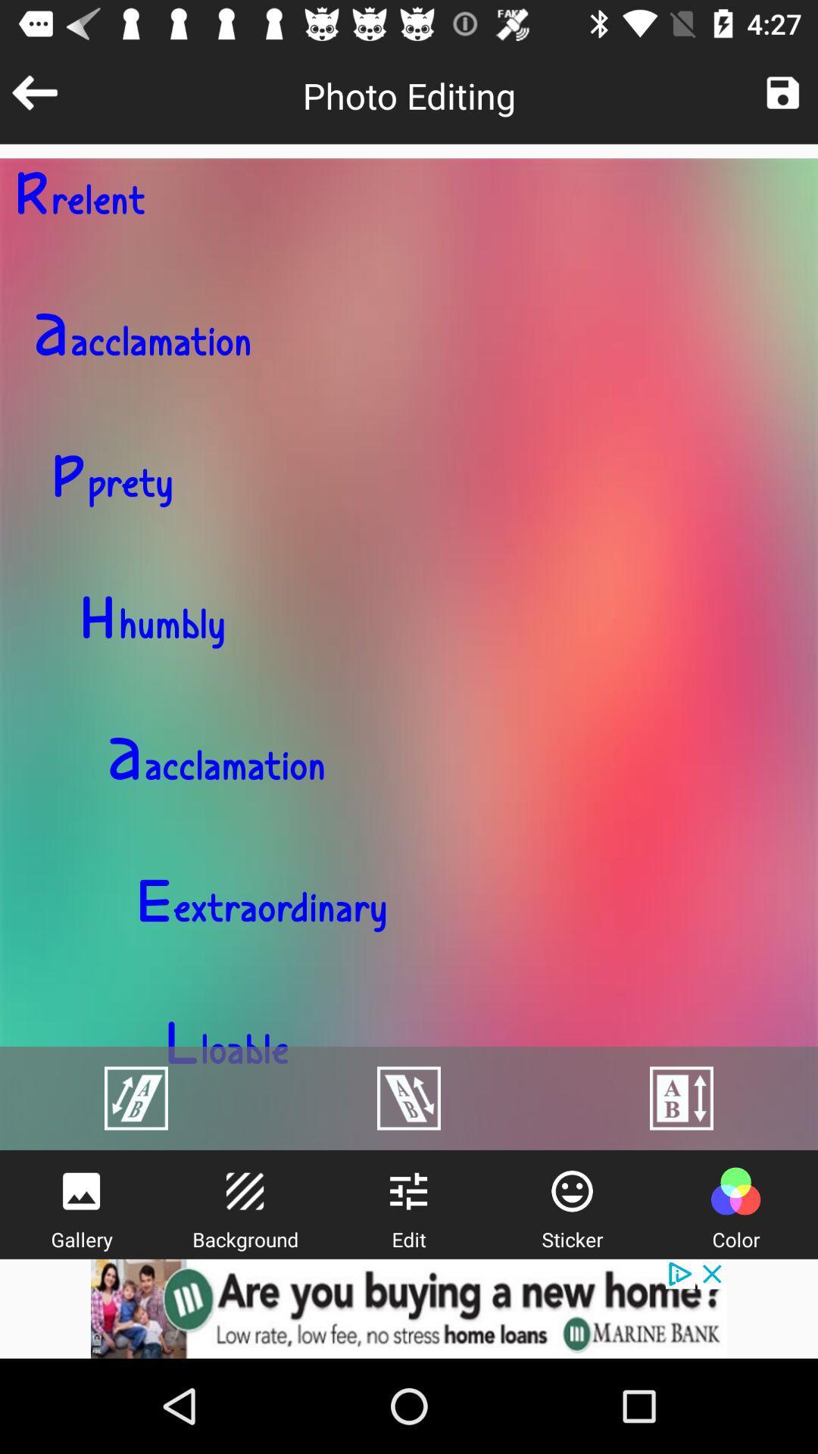 The width and height of the screenshot is (818, 1454). Describe the element at coordinates (81, 1190) in the screenshot. I see `the wallpaper icon` at that location.